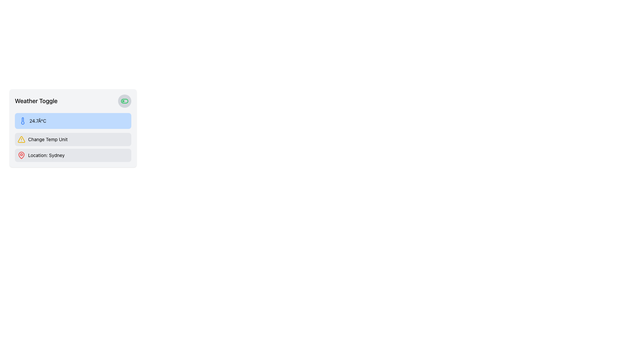  What do you see at coordinates (21, 139) in the screenshot?
I see `the triangle-shaped caution icon that is part of the 'Change Temp Unit' button in the weather settings interface` at bounding box center [21, 139].